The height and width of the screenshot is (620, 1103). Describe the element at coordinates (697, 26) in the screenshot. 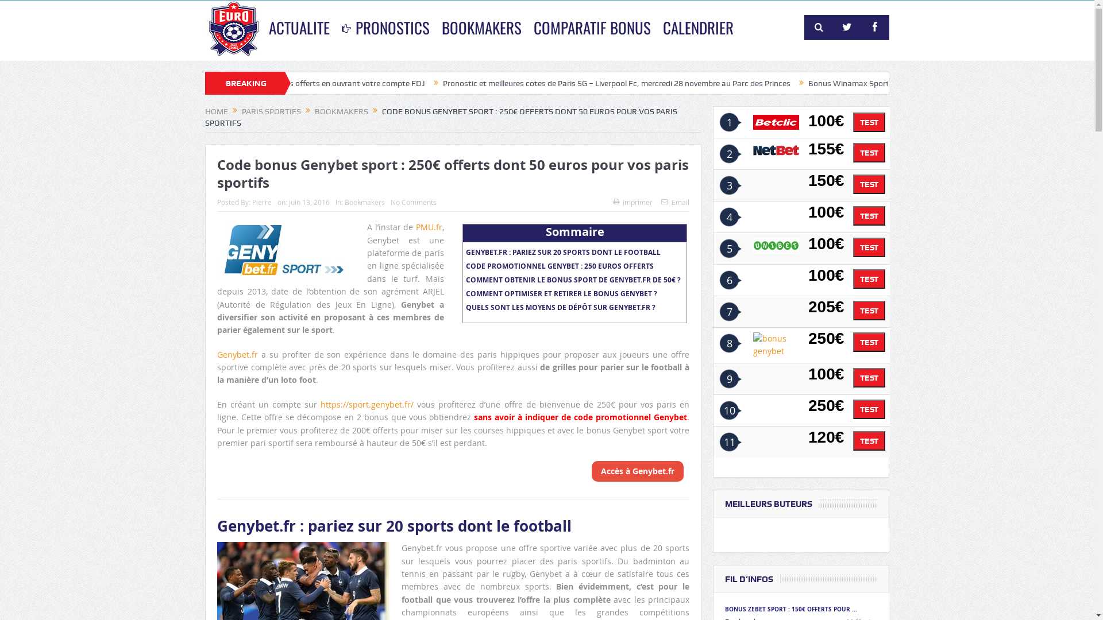

I see `'CALENDRIER'` at that location.